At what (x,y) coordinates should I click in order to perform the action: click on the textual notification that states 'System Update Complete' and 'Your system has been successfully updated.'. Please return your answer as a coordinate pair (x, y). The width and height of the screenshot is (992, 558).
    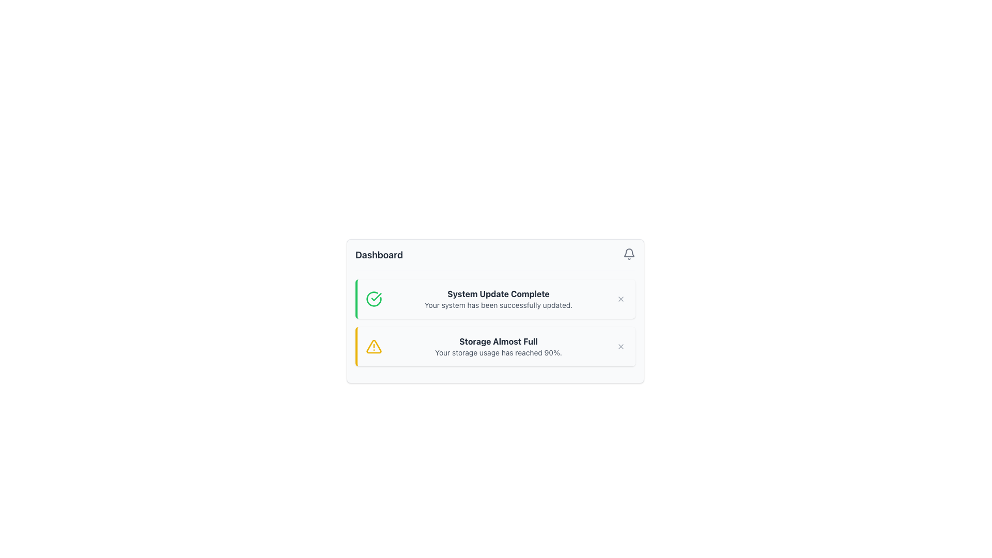
    Looking at the image, I should click on (498, 299).